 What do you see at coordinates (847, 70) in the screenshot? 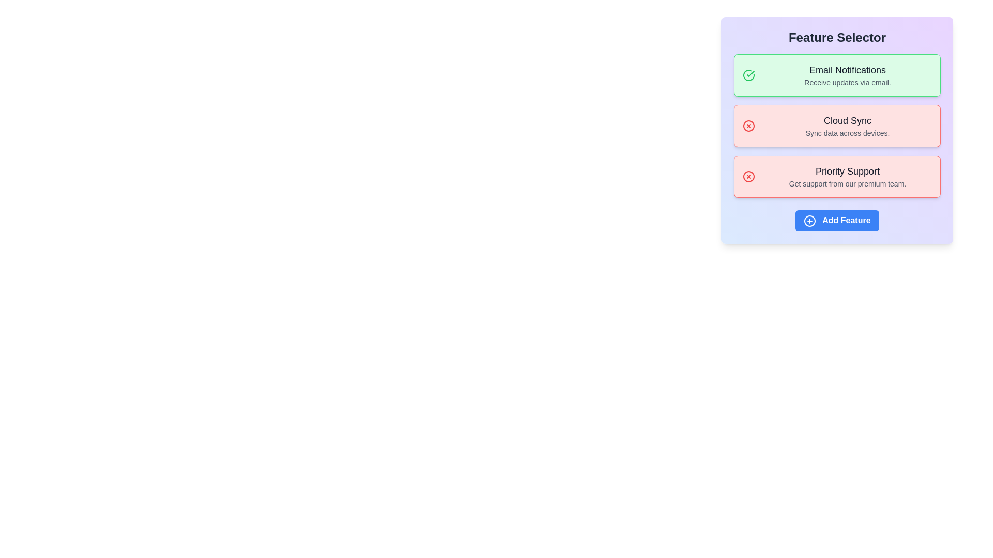
I see `the text label that serves as the title or heading for the feature card, which is centrally aligned within the green-highlighted card in the 'Feature Selector' section` at bounding box center [847, 70].